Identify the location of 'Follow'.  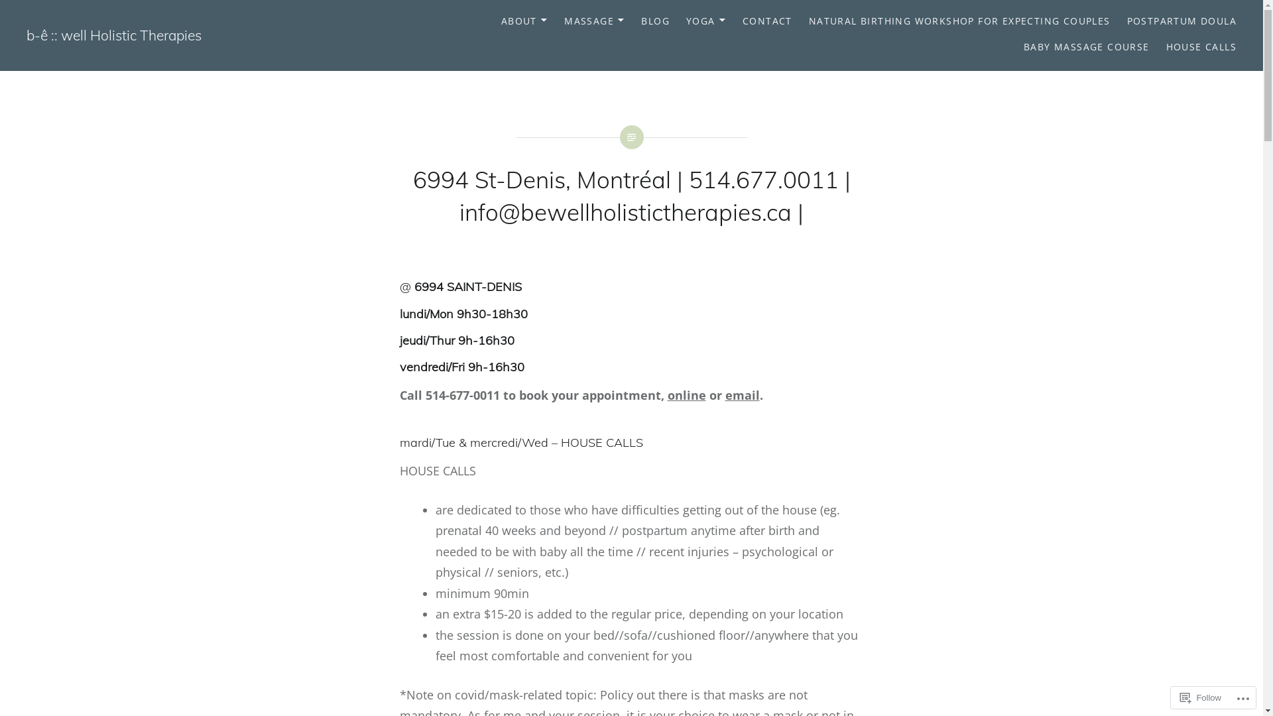
(1174, 697).